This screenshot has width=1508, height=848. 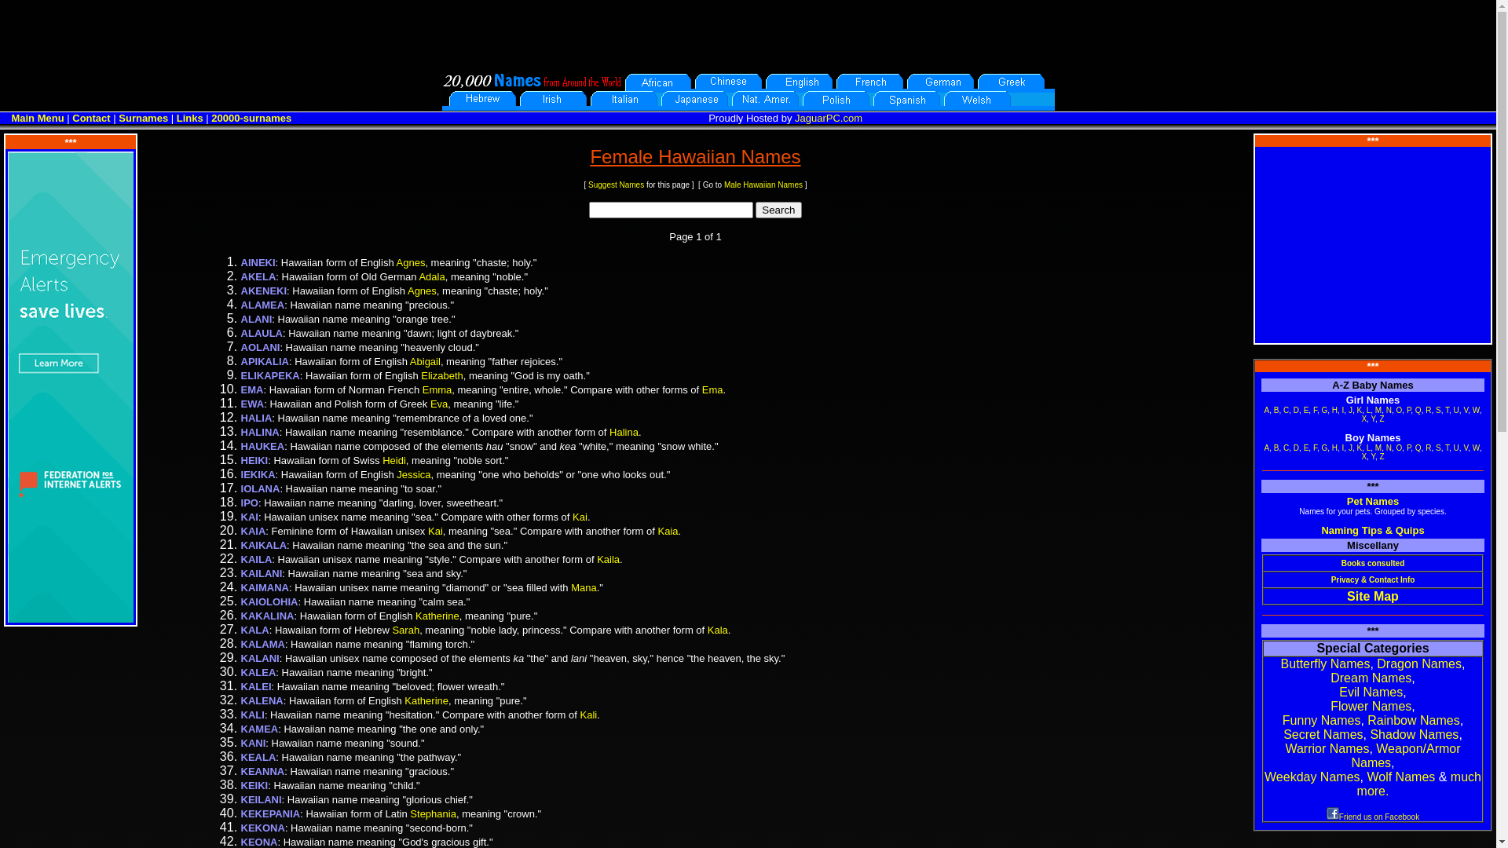 What do you see at coordinates (430, 403) in the screenshot?
I see `'Eva'` at bounding box center [430, 403].